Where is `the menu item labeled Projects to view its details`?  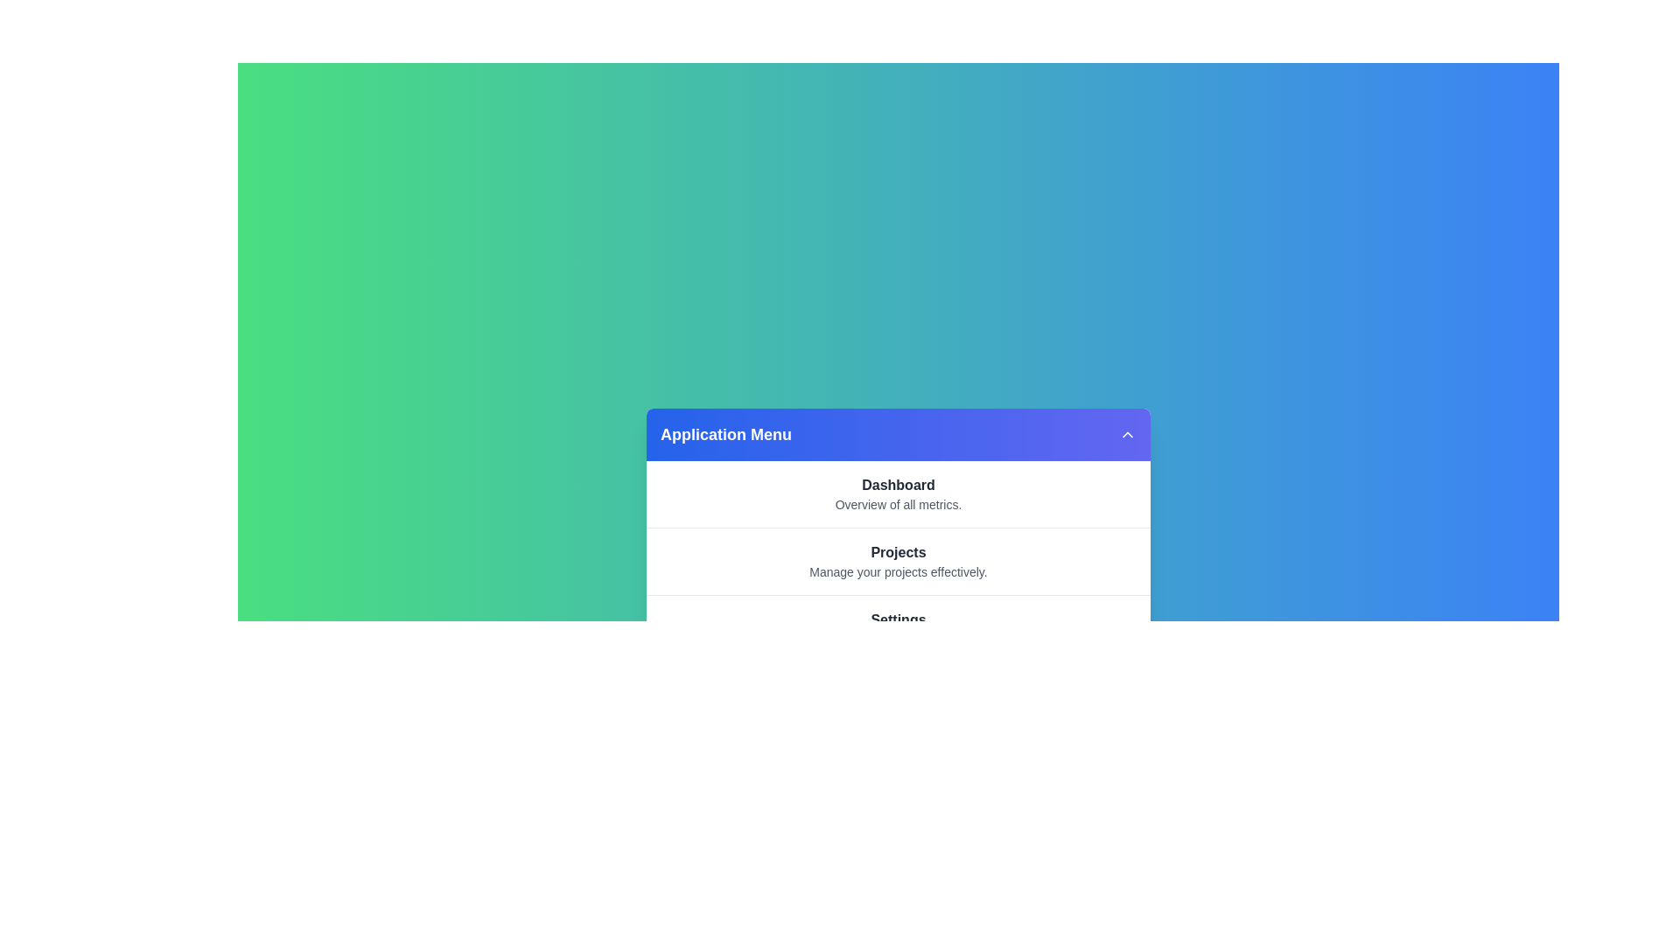 the menu item labeled Projects to view its details is located at coordinates (899, 553).